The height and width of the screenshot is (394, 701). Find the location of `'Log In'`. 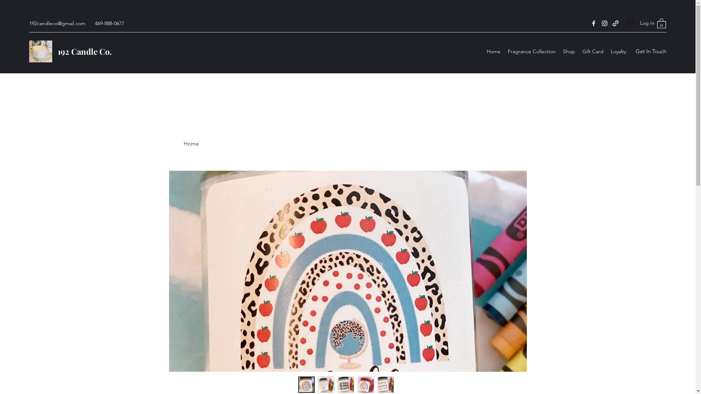

'Log In' is located at coordinates (637, 23).